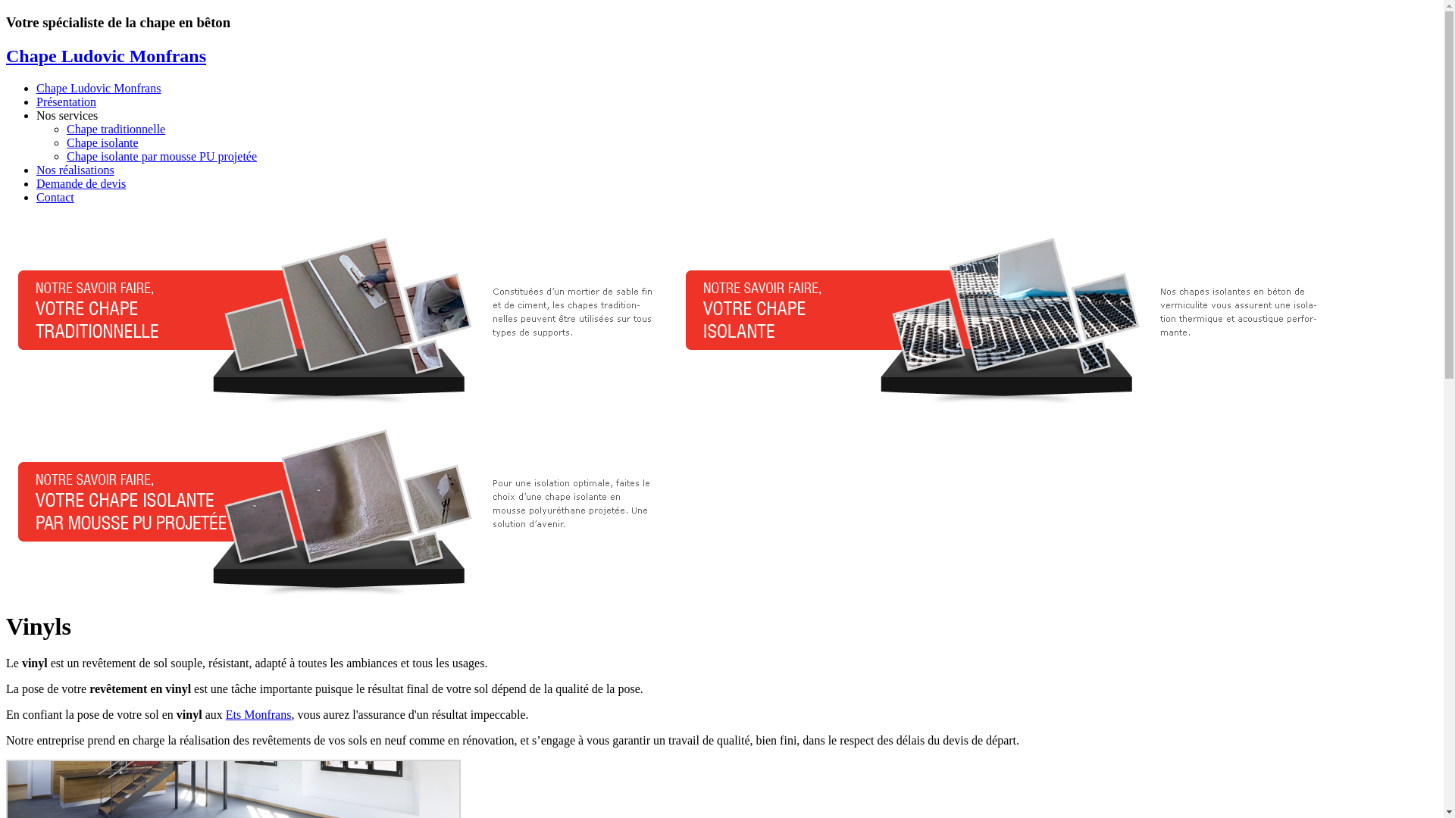  I want to click on 'Nos services', so click(66, 114).